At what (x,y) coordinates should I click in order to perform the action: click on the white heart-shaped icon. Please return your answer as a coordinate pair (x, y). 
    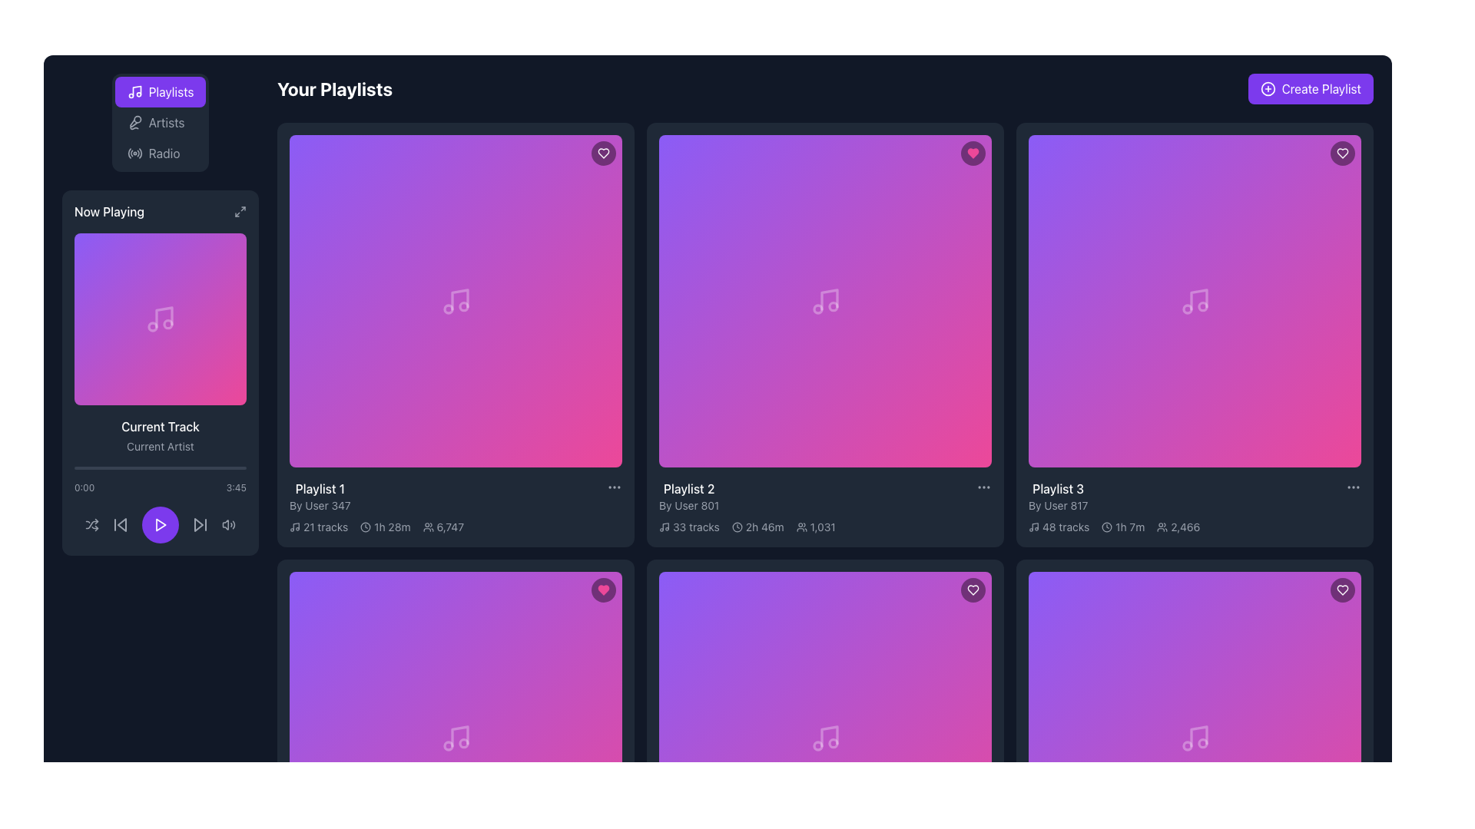
    Looking at the image, I should click on (1341, 589).